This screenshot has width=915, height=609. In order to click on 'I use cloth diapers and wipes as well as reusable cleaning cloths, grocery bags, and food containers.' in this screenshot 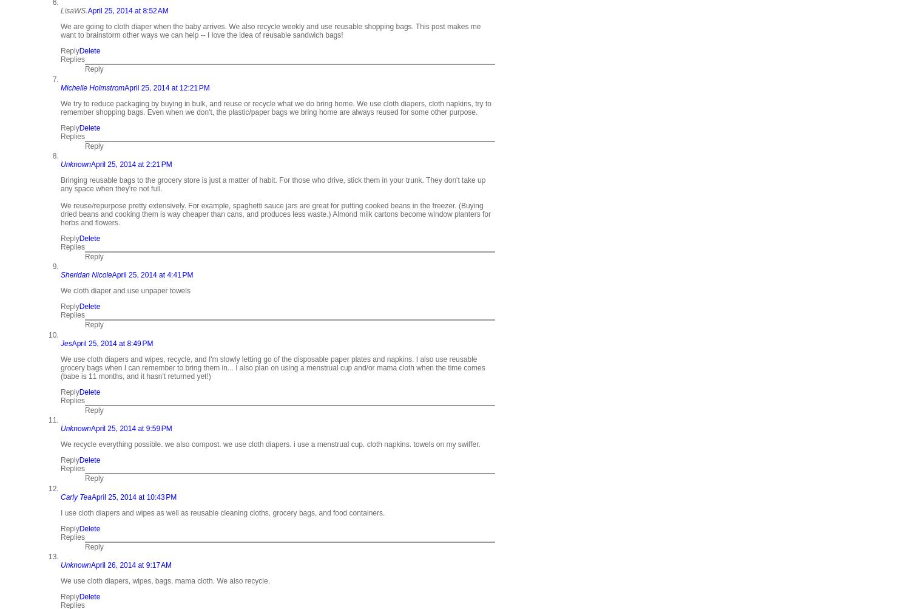, I will do `click(222, 512)`.